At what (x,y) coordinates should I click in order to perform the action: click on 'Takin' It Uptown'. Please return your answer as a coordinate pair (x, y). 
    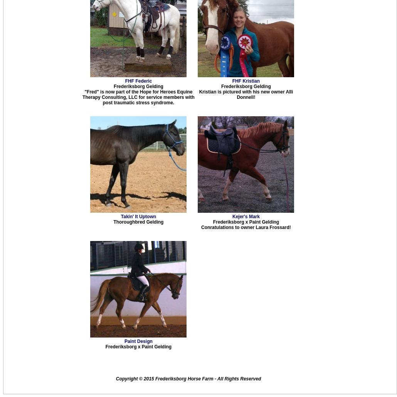
    Looking at the image, I should click on (138, 216).